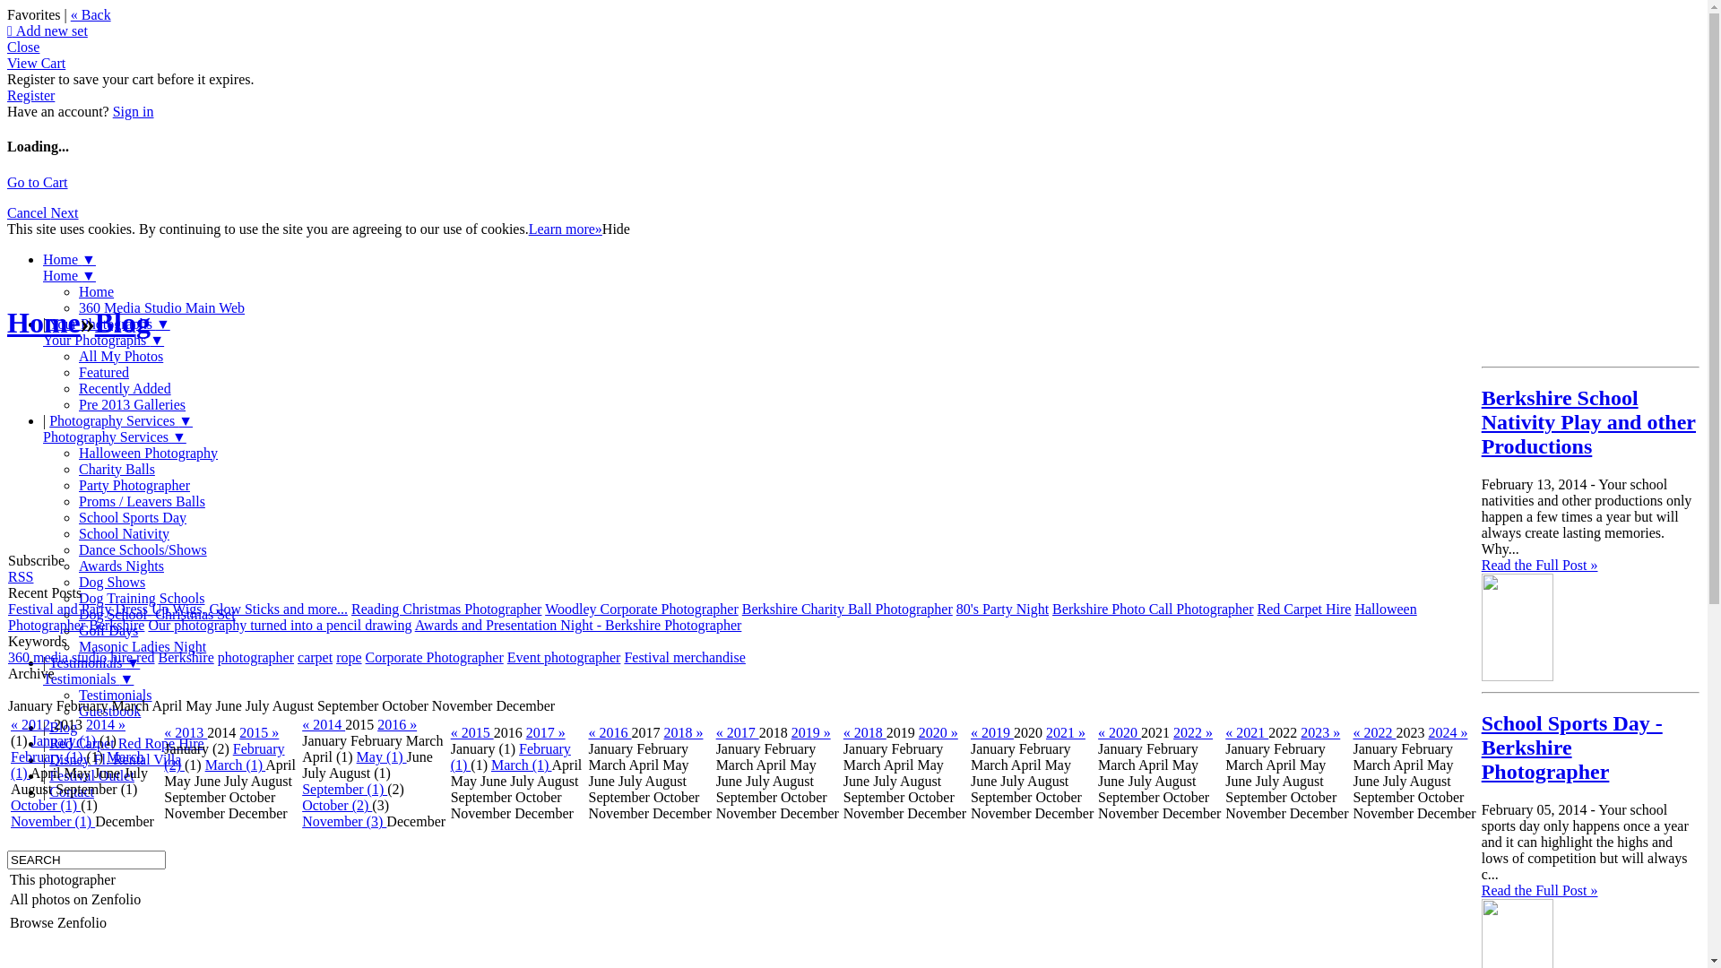  Describe the element at coordinates (74, 899) in the screenshot. I see `'All photos on Zenfolio'` at that location.